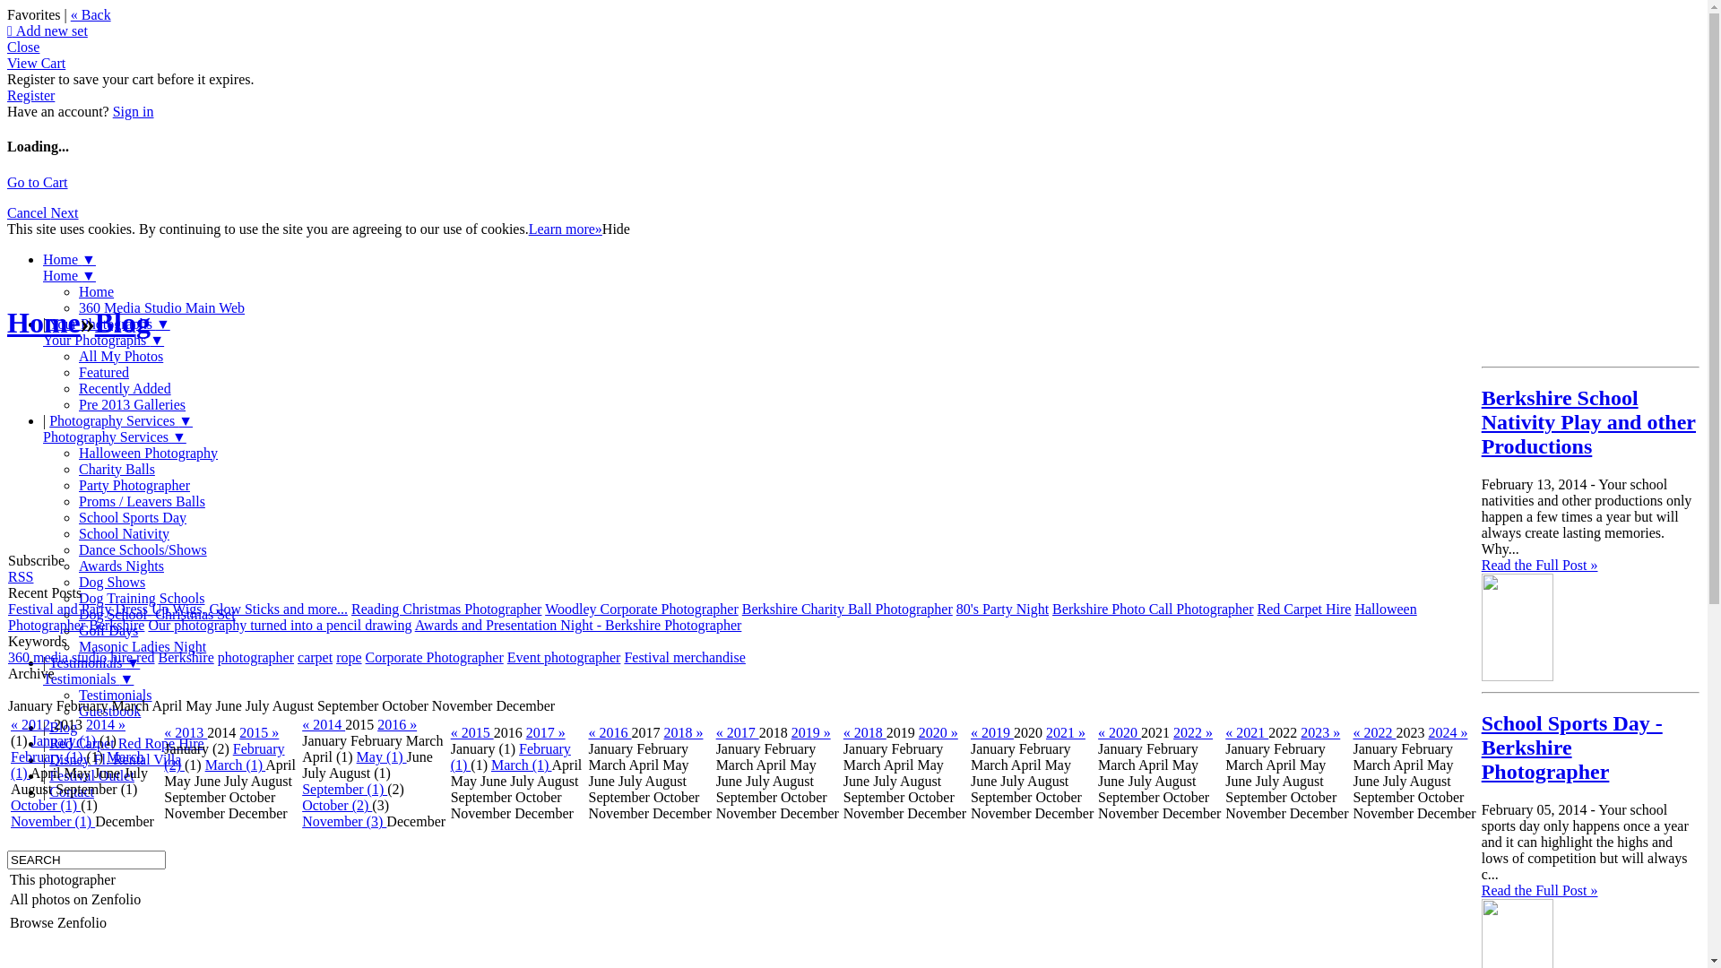  Describe the element at coordinates (74, 899) in the screenshot. I see `'All photos on Zenfolio'` at that location.